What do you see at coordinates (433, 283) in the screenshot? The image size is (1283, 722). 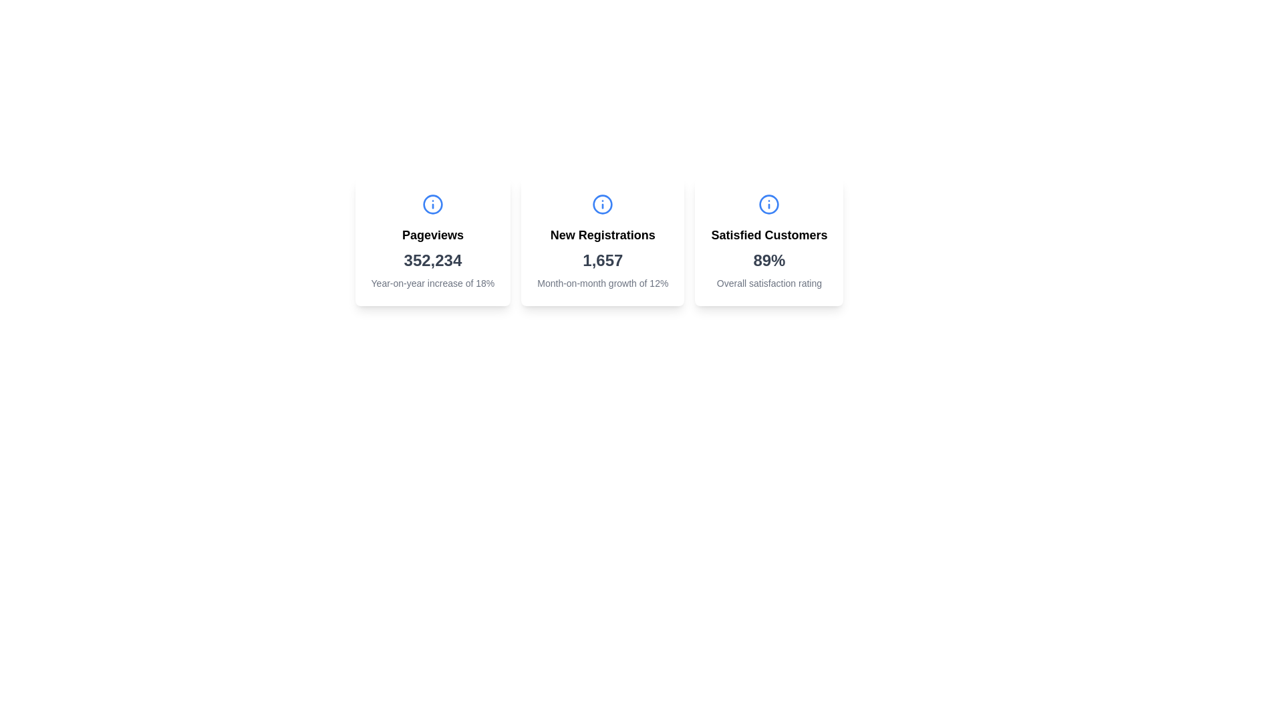 I see `the text label displaying 'Year-on-year increase of 18%'` at bounding box center [433, 283].